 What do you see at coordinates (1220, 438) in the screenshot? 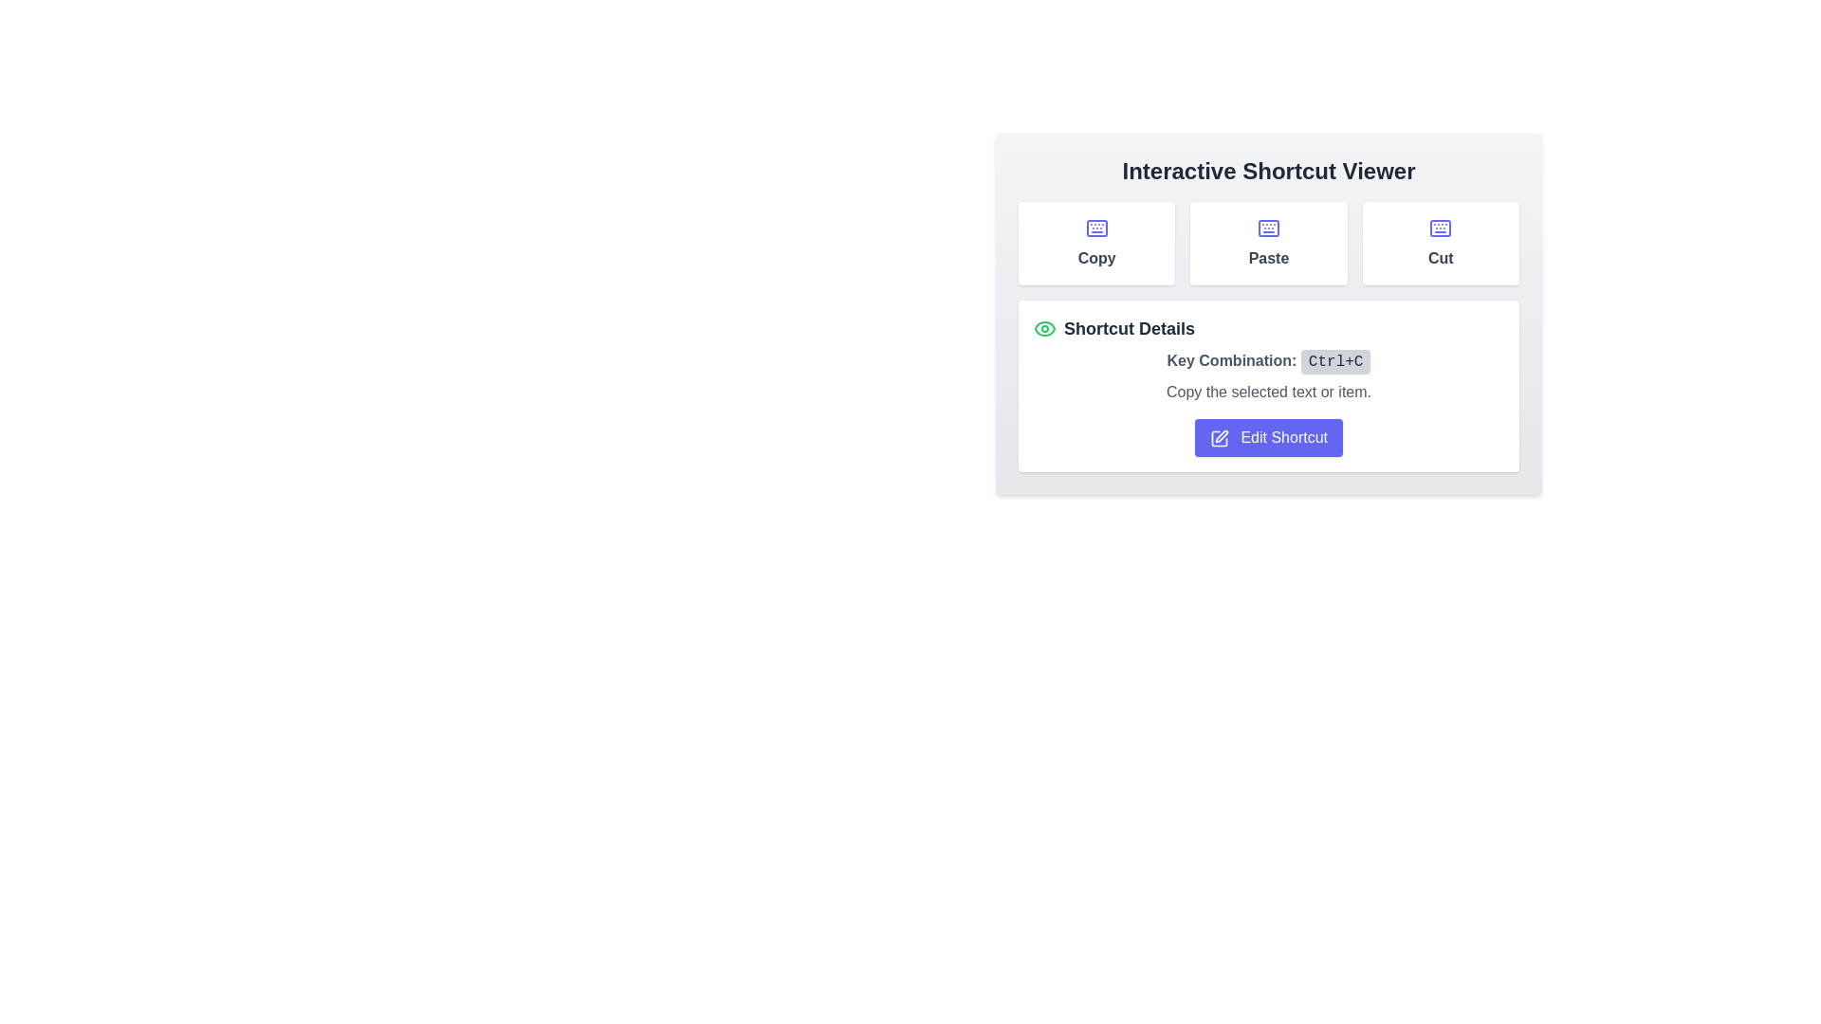
I see `the pen icon located inside the purple 'Edit Shortcut' button with white text, positioned at the bottom of the 'Shortcut Details' section` at bounding box center [1220, 438].